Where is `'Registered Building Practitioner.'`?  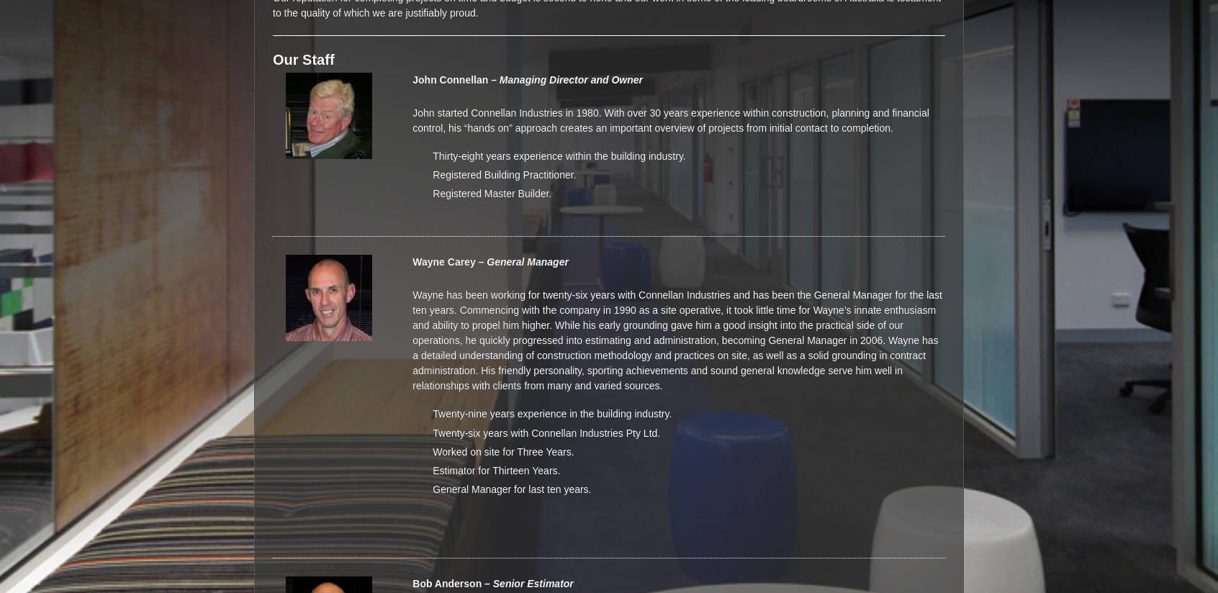
'Registered Building Practitioner.' is located at coordinates (504, 174).